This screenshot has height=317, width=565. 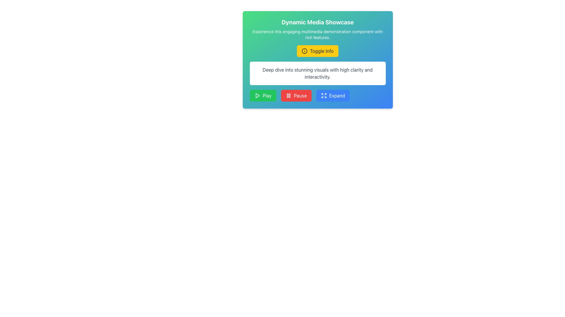 What do you see at coordinates (262, 95) in the screenshot?
I see `the 'Play' button, which is the first button among three horizontally aligned buttons for media control, located to the far left of the button group` at bounding box center [262, 95].